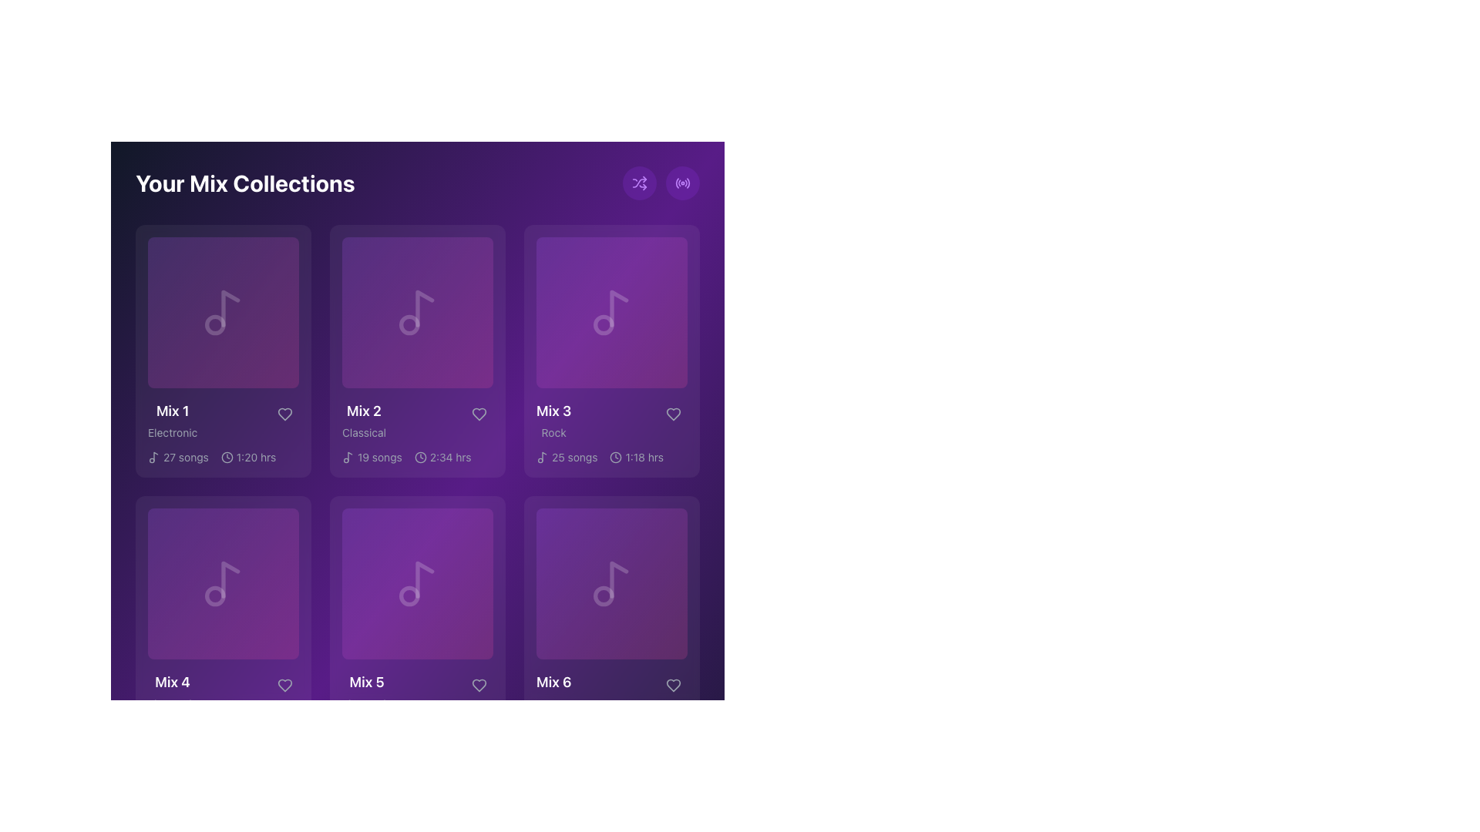  What do you see at coordinates (284, 685) in the screenshot?
I see `the heart icon button located in the bottom-right corner of the 'Mix 4' section` at bounding box center [284, 685].